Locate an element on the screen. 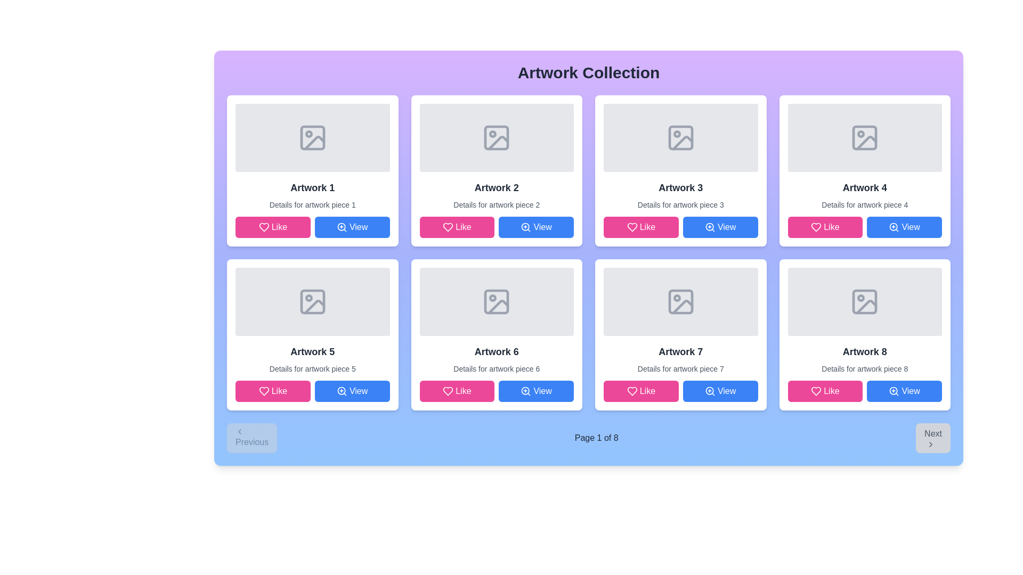 Image resolution: width=1023 pixels, height=575 pixels. the small circular graphic located at the top-left corner of the image placeholder is located at coordinates (308, 133).